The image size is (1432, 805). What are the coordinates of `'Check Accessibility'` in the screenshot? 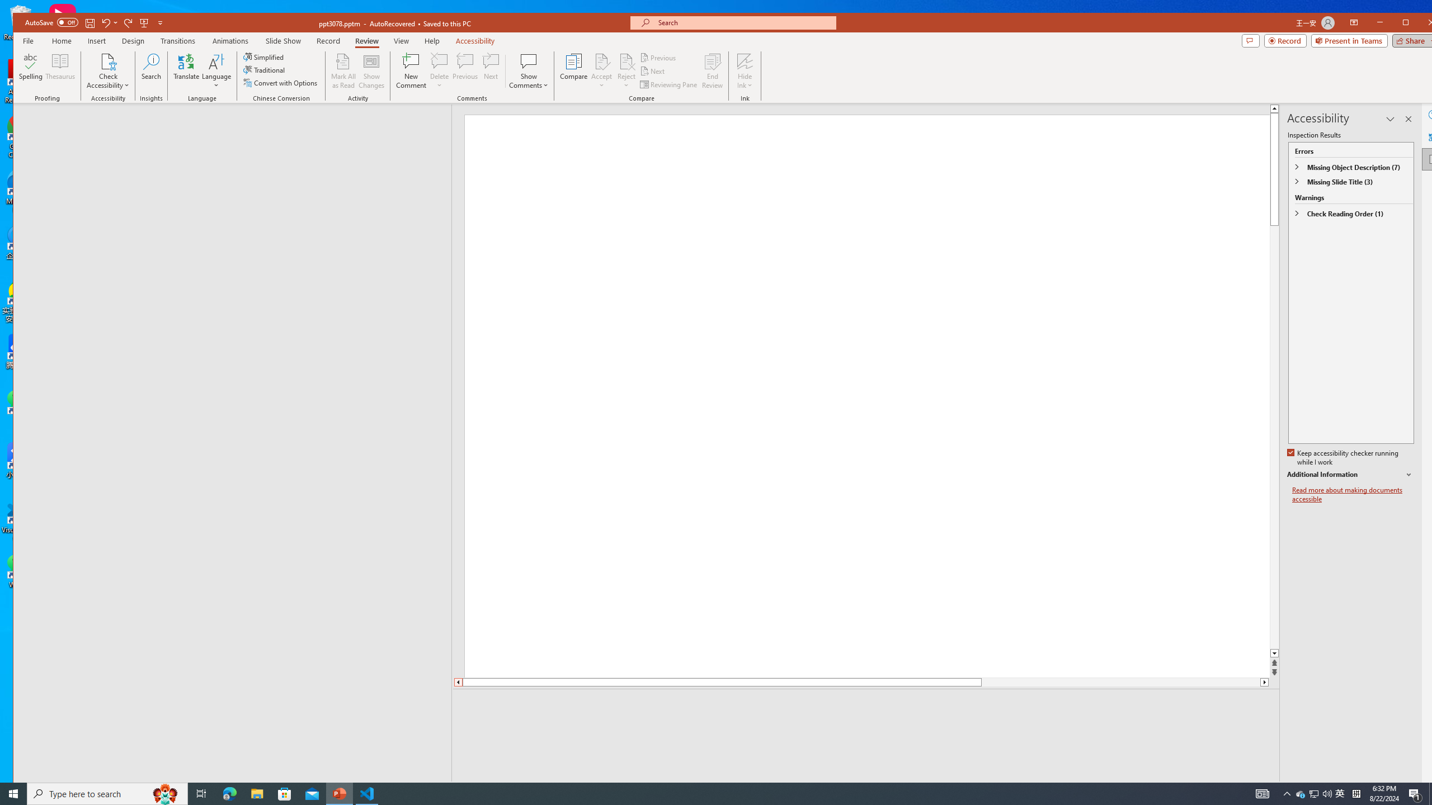 It's located at (107, 70).